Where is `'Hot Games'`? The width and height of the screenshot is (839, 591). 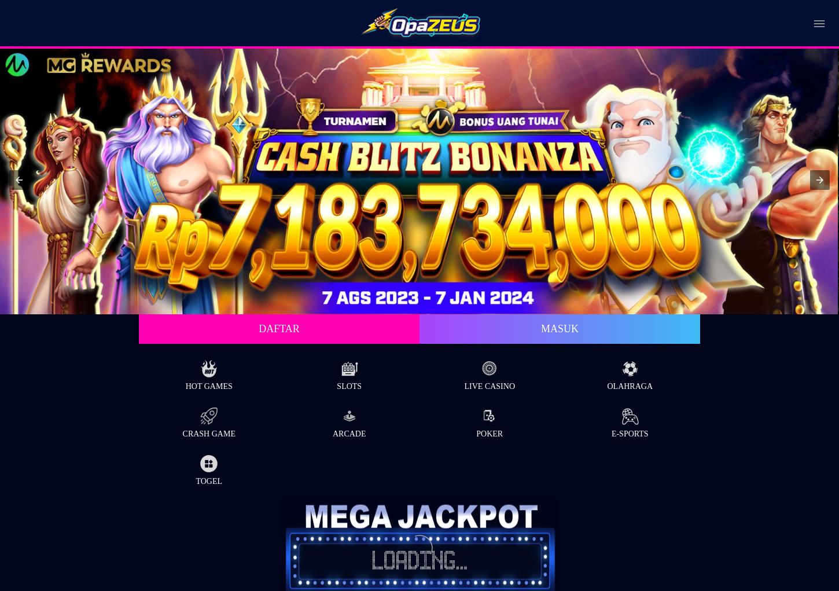 'Hot Games' is located at coordinates (185, 385).